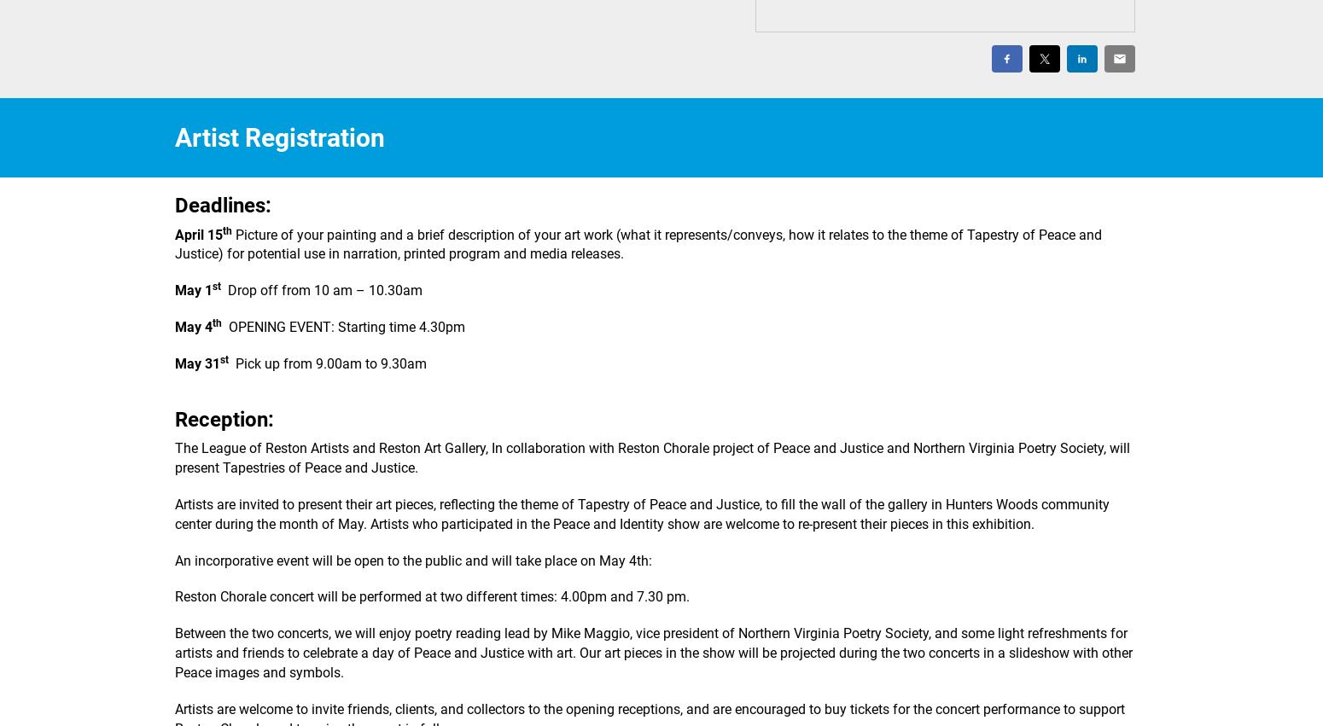 This screenshot has width=1323, height=726. I want to click on 'May 4', so click(193, 327).